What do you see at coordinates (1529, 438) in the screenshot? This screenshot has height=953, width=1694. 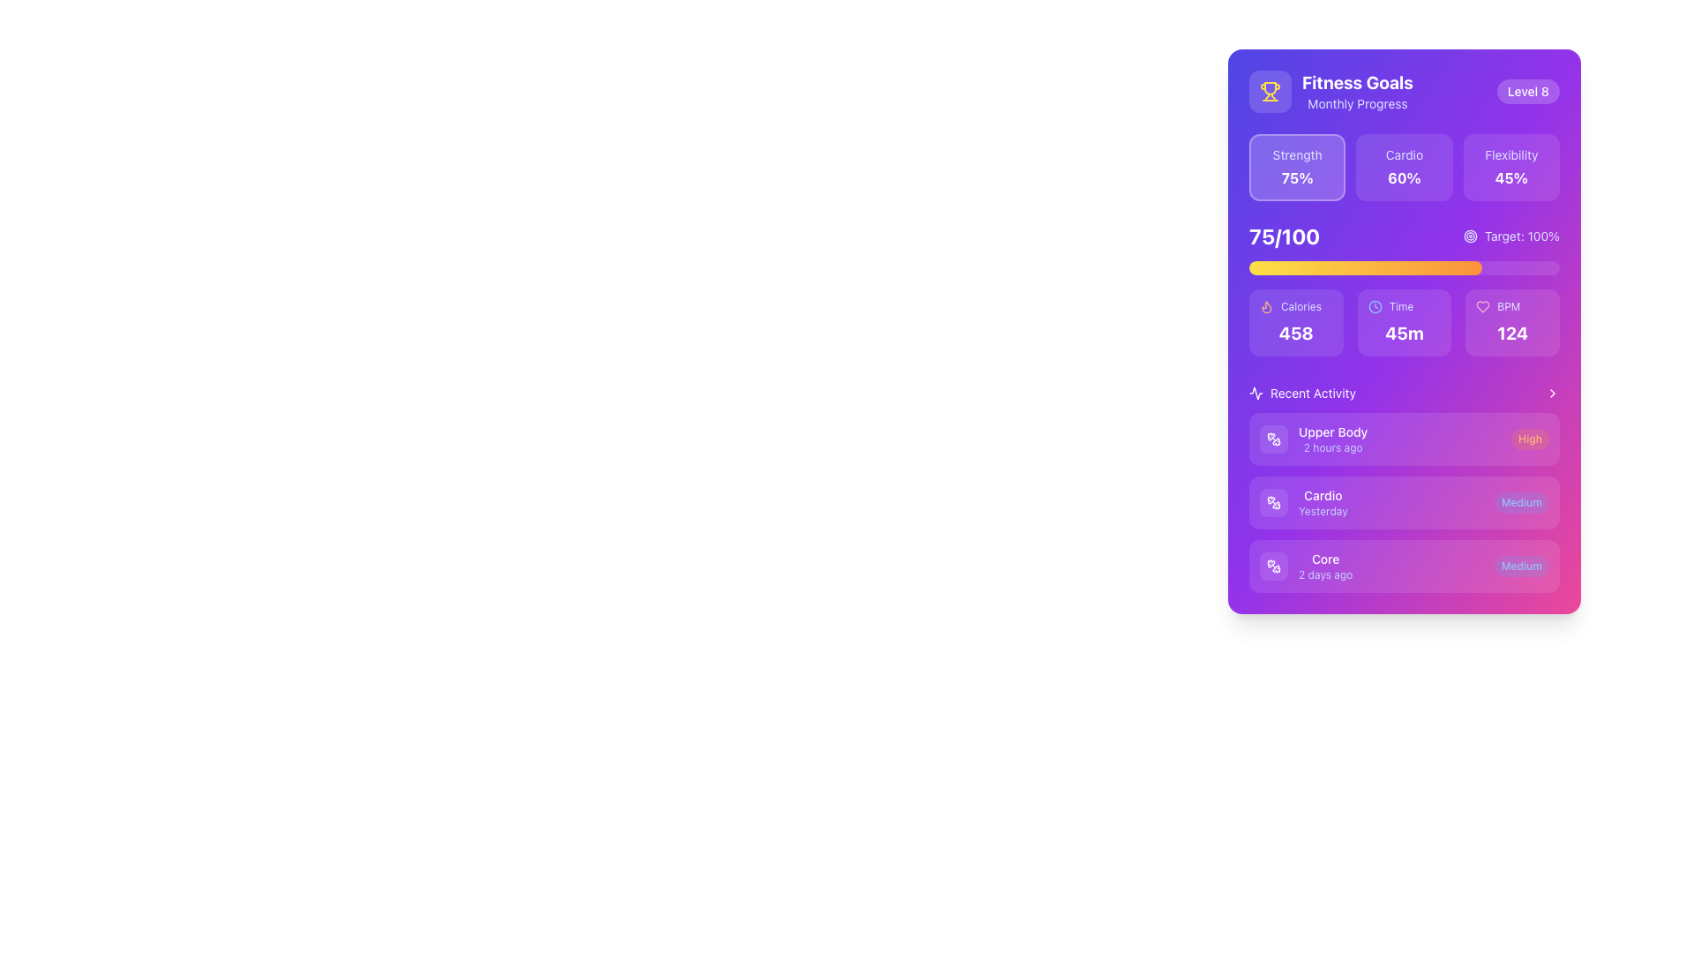 I see `the capsule-shaped label with the text 'High', which is styled with an orange background and positioned on the right side of a list item in the 'Recent Activity' section` at bounding box center [1529, 438].